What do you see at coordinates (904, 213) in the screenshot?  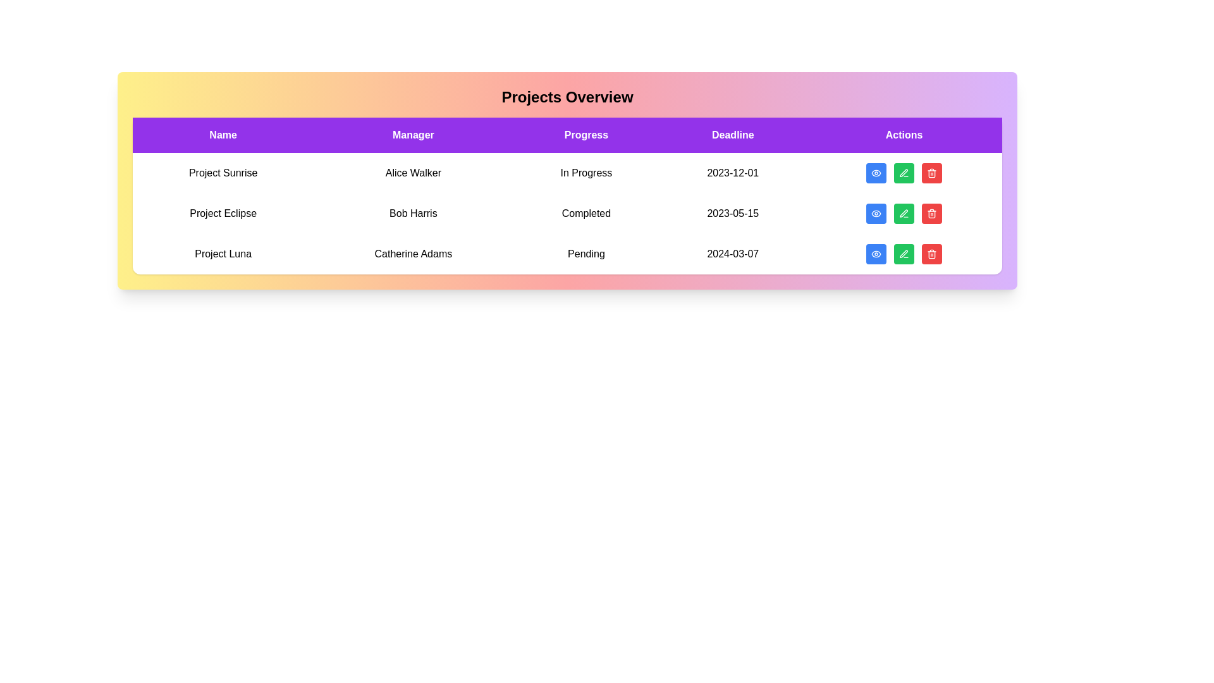 I see `edit button for the project identified by Project Eclipse` at bounding box center [904, 213].